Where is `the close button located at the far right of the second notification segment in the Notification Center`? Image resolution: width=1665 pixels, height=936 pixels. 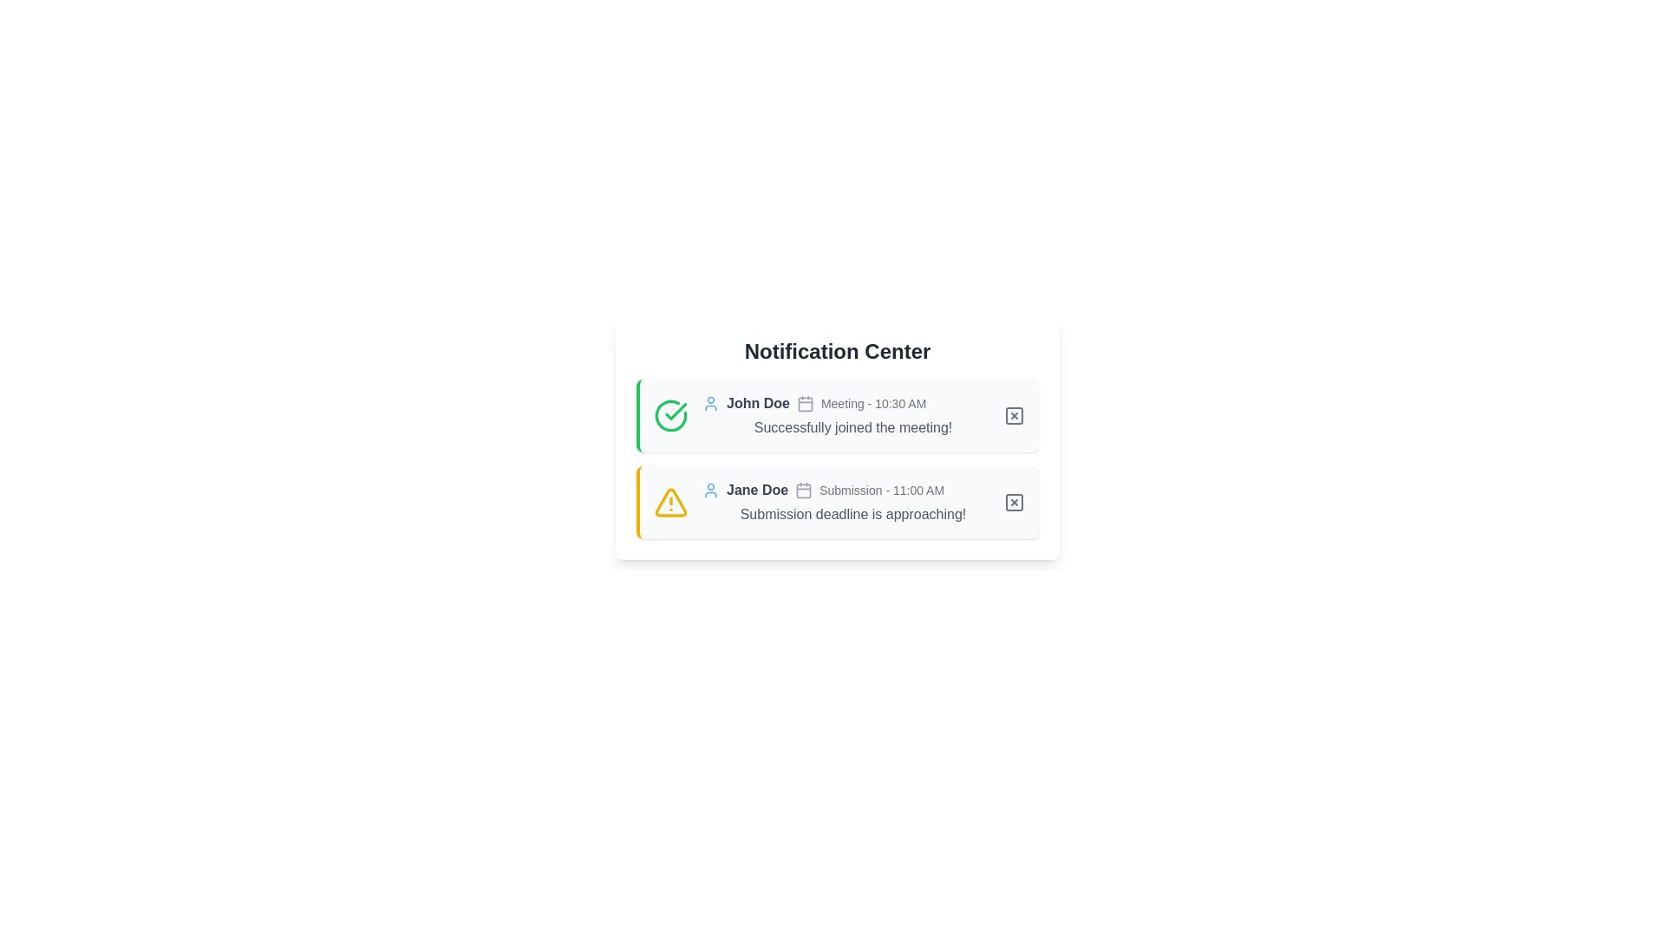
the close button located at the far right of the second notification segment in the Notification Center is located at coordinates (1015, 502).